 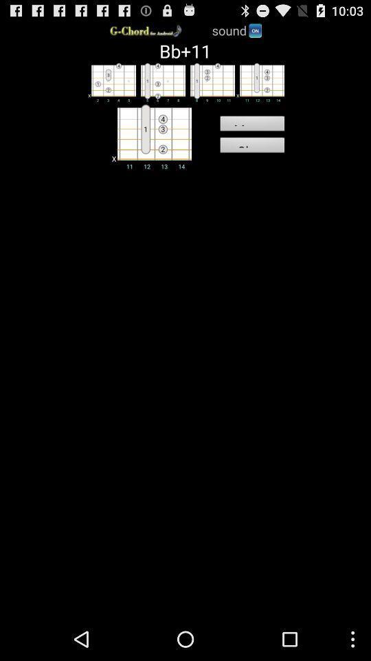 I want to click on or go to memo, so click(x=260, y=82).